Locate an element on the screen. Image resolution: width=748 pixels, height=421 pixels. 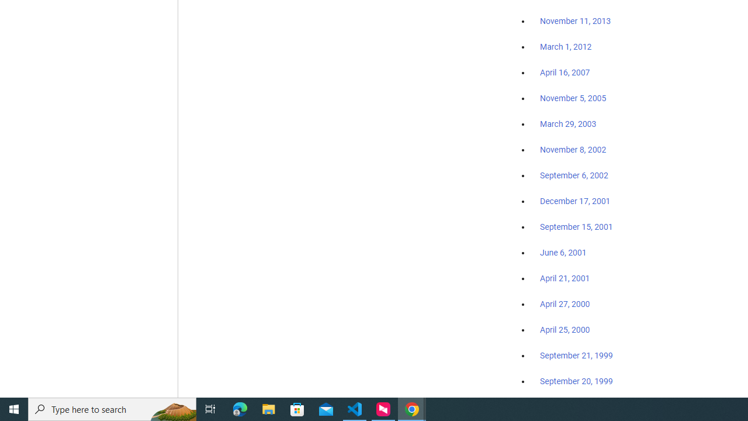
'December 17, 2001' is located at coordinates (575, 200).